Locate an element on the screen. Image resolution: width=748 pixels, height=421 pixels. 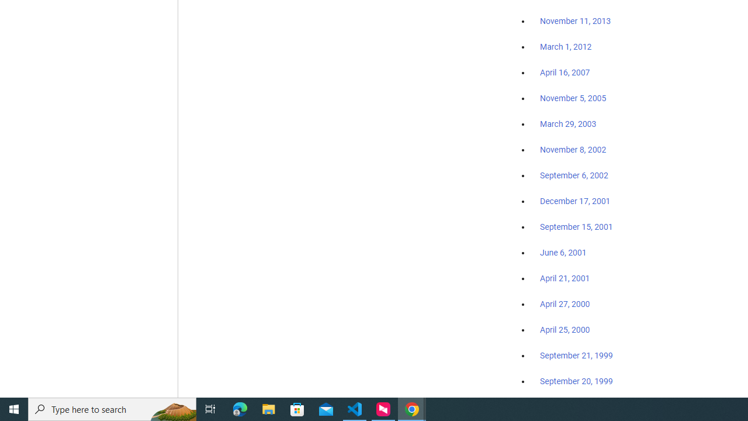
'December 17, 2001' is located at coordinates (575, 200).